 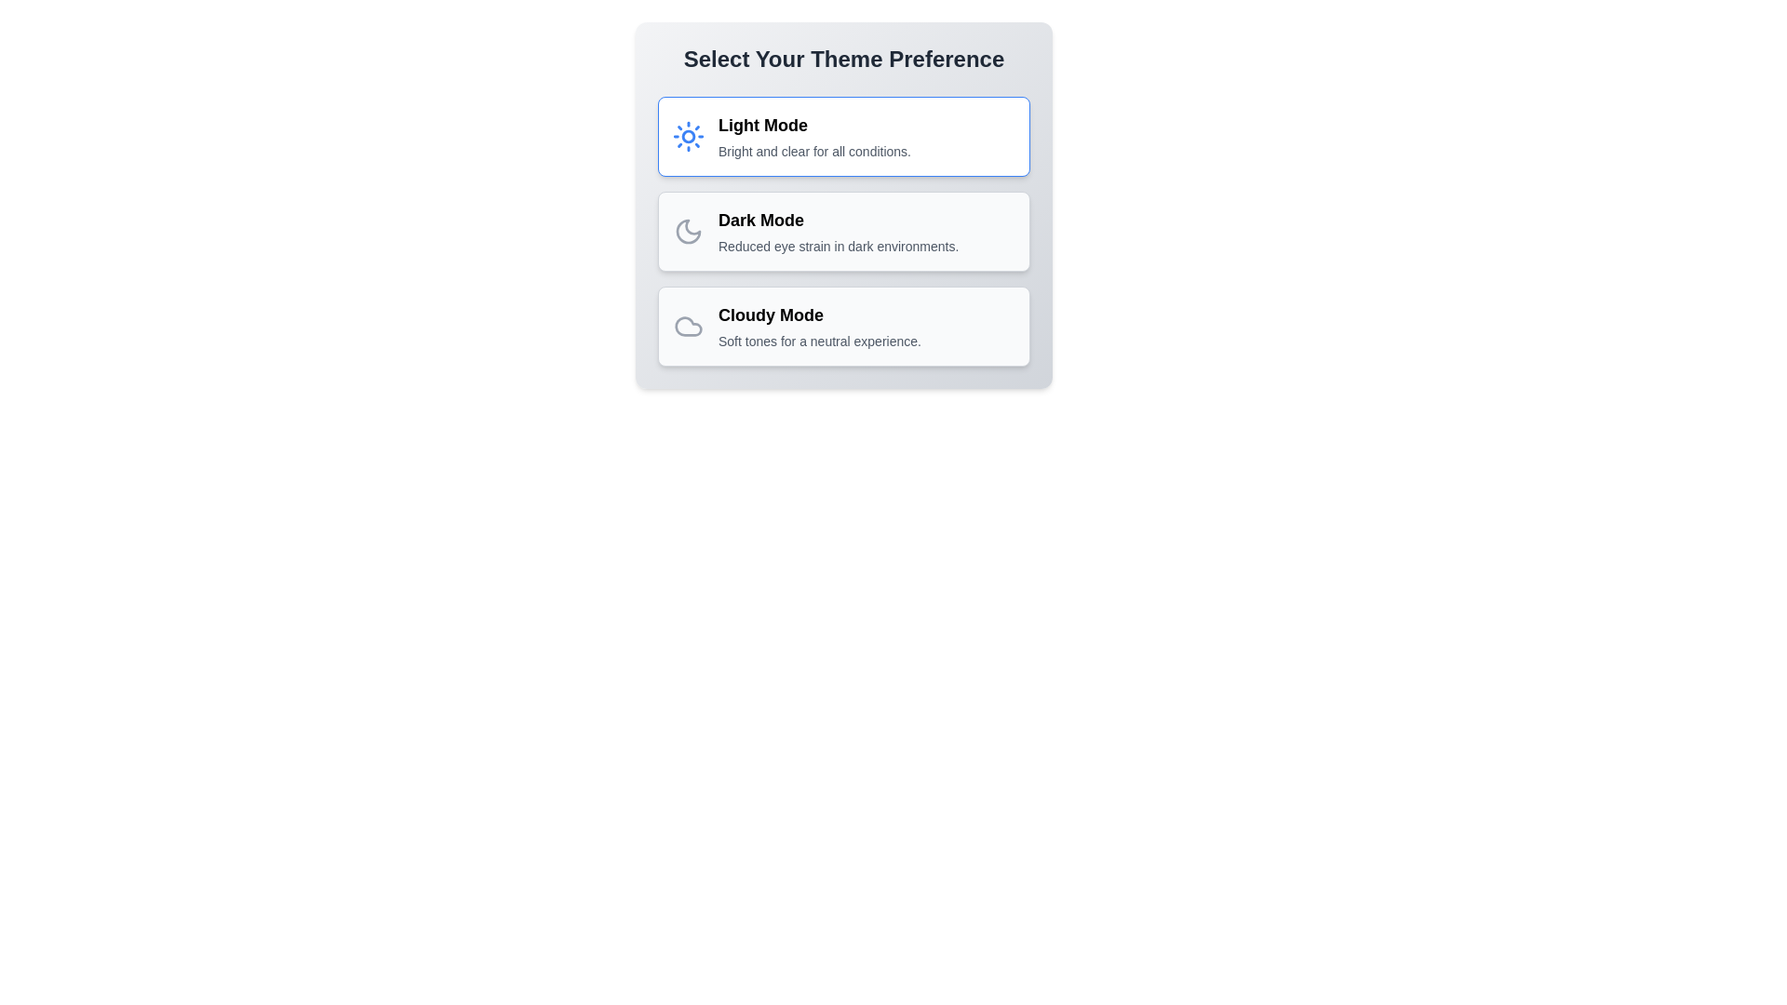 What do you see at coordinates (687, 135) in the screenshot?
I see `the SVG circle shape that is part of the blue sun-like icon to the left of the 'Light Mode' text in the 'Select Your Theme Preference' box` at bounding box center [687, 135].